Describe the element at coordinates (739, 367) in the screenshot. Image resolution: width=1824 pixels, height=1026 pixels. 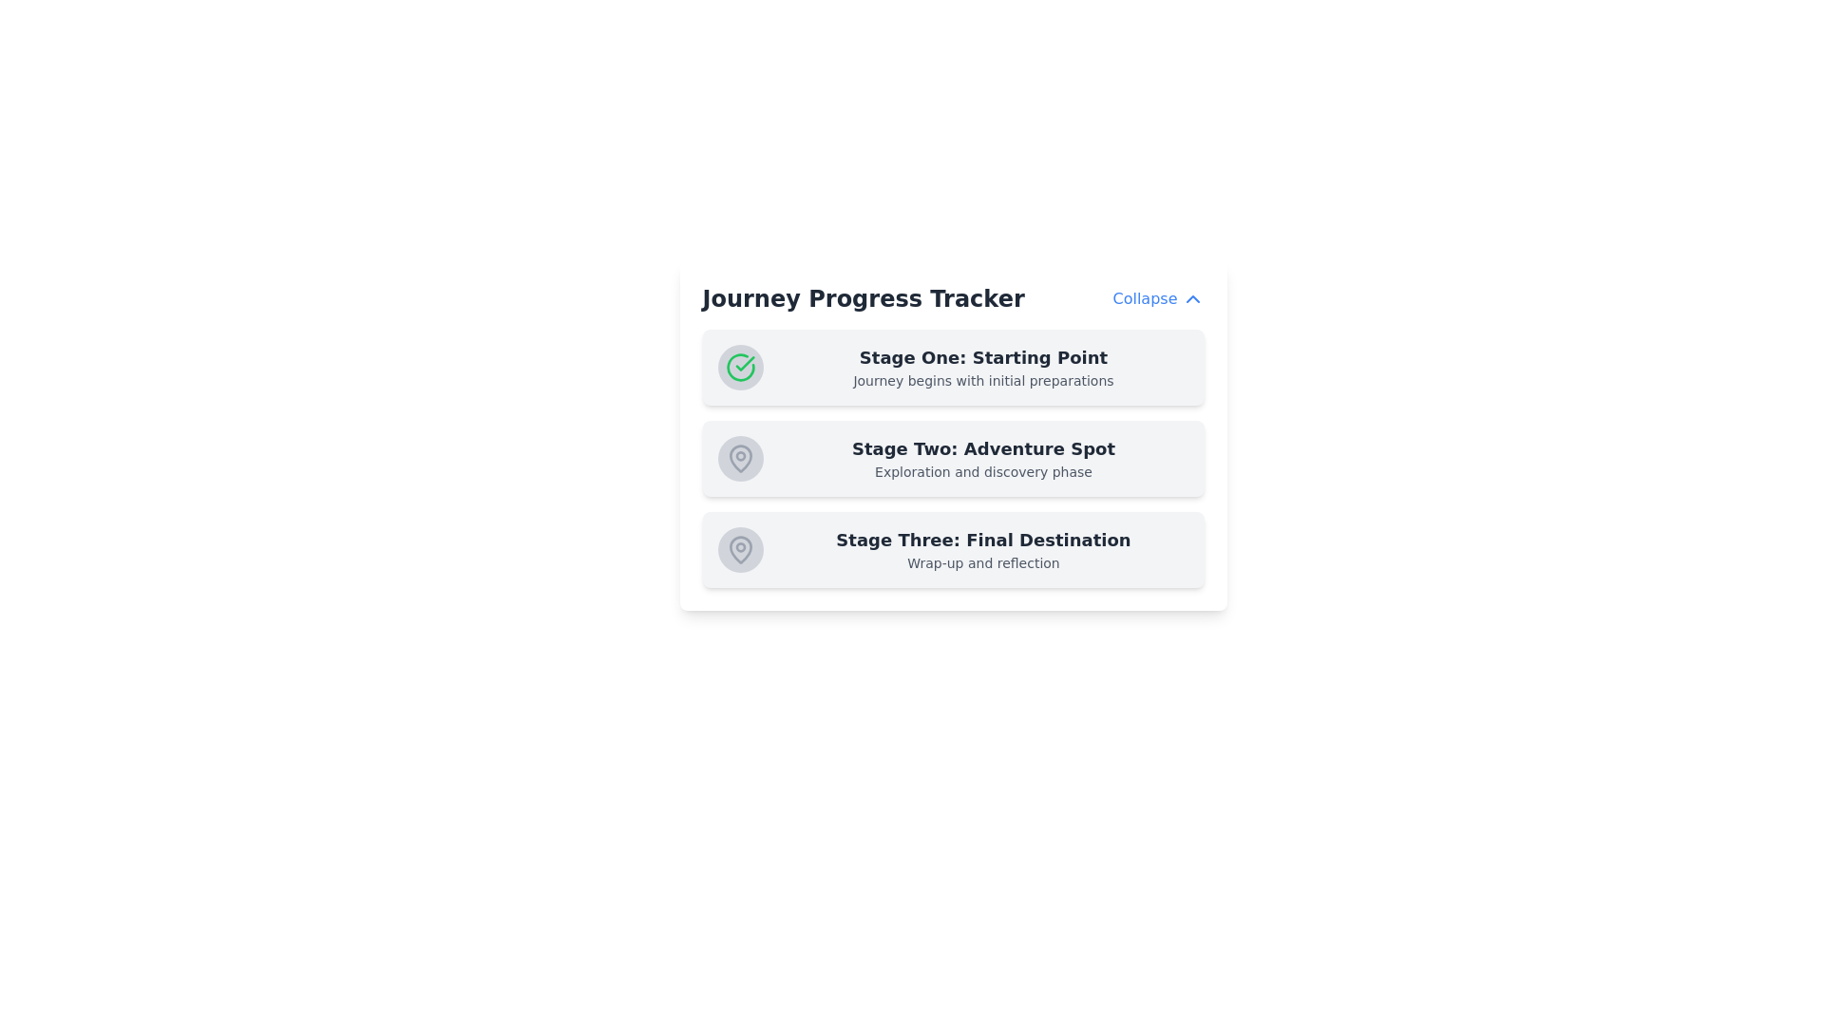
I see `the circular icon with a green outline and checkmark in the 'Journey Progress Tracker' section, located to the left of 'Stage One: Starting Point'` at that location.